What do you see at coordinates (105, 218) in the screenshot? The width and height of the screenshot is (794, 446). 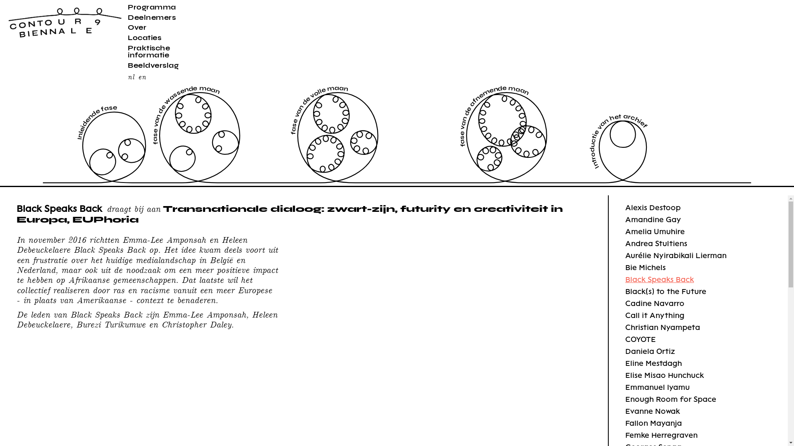 I see `'EUPhoria'` at bounding box center [105, 218].